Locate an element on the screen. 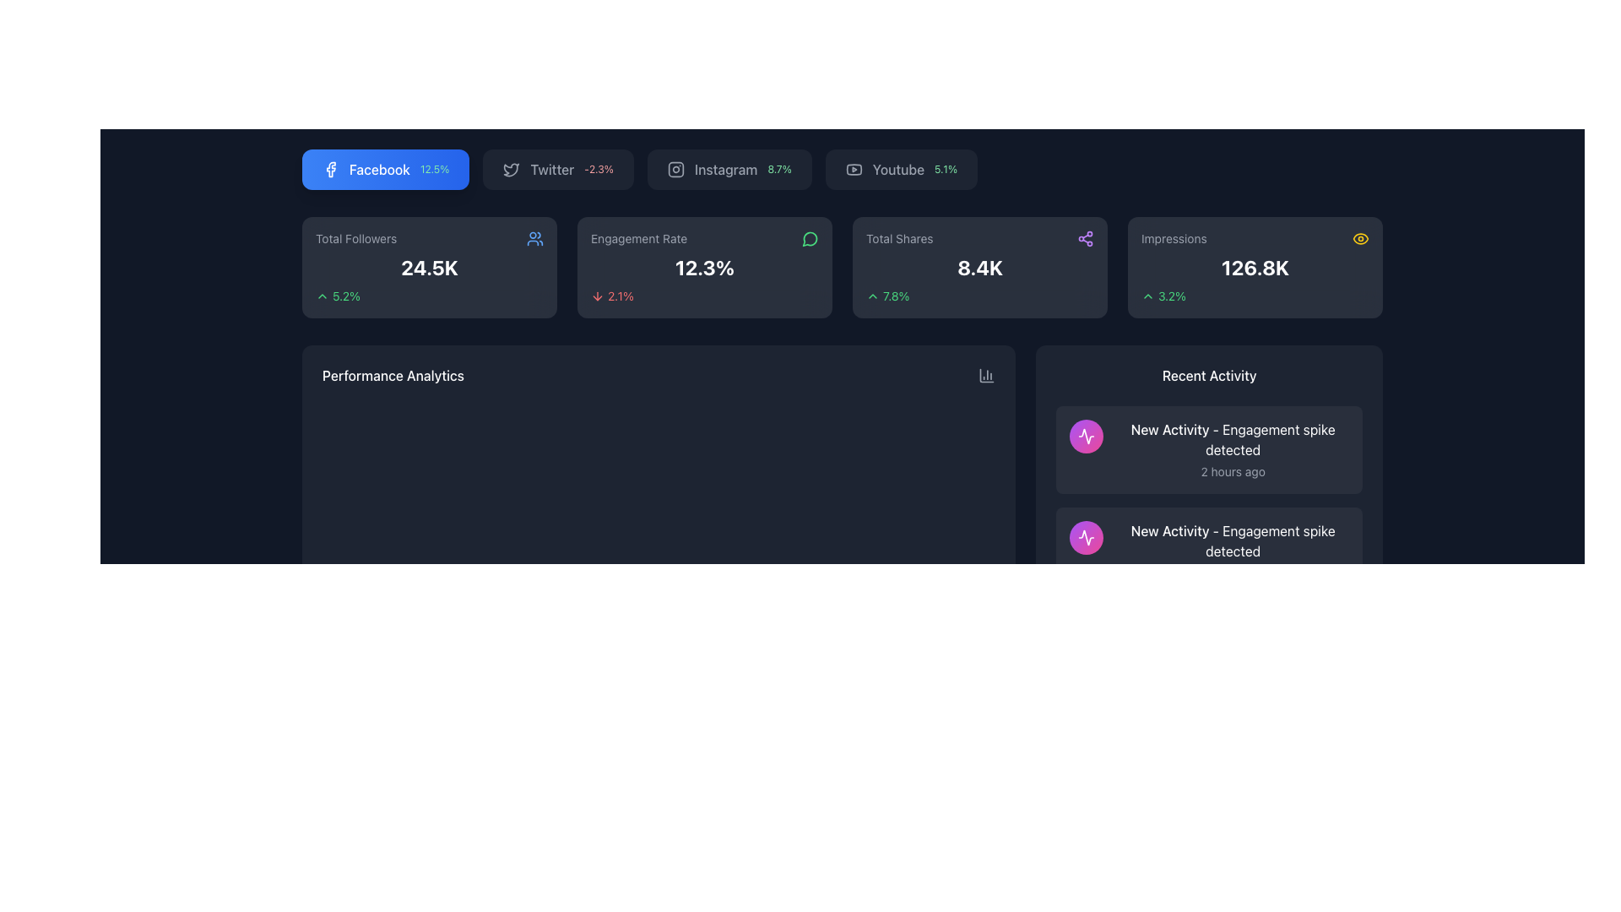 The height and width of the screenshot is (912, 1621). the Twitter icon, which is a minimalist line-based drawing of a bird, located within a button labeled 'Twitter -2.3%' in the top section of the interface is located at coordinates (511, 170).